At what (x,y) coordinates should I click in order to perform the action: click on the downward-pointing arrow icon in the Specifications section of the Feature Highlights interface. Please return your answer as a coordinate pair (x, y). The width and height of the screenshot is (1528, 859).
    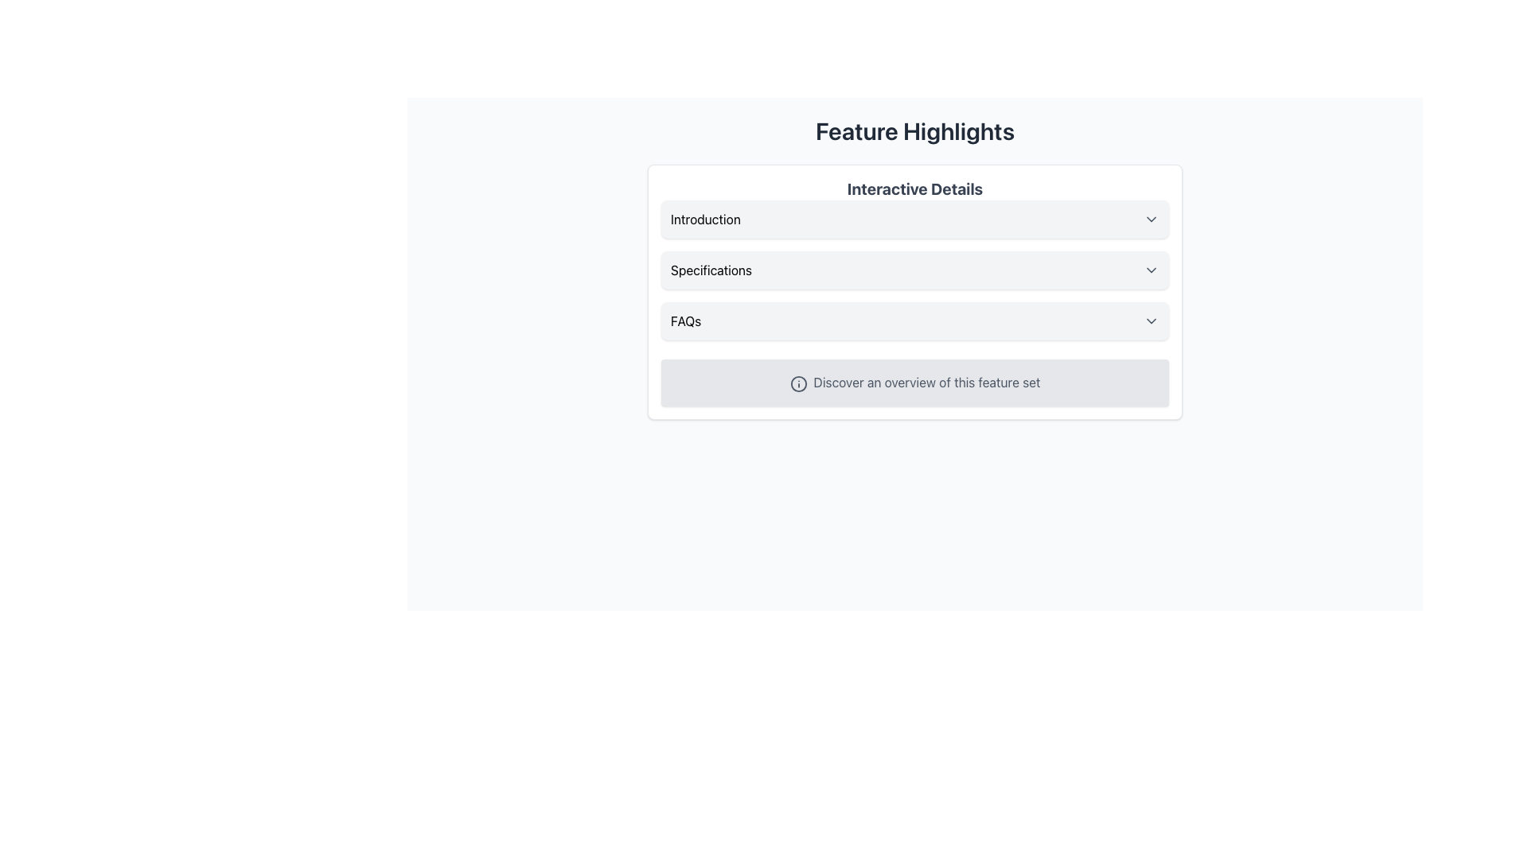
    Looking at the image, I should click on (1151, 269).